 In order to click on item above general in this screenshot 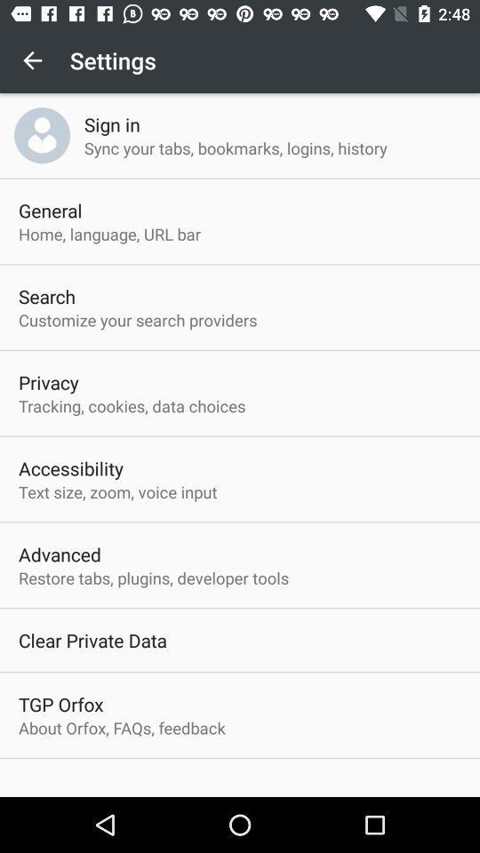, I will do `click(42, 134)`.